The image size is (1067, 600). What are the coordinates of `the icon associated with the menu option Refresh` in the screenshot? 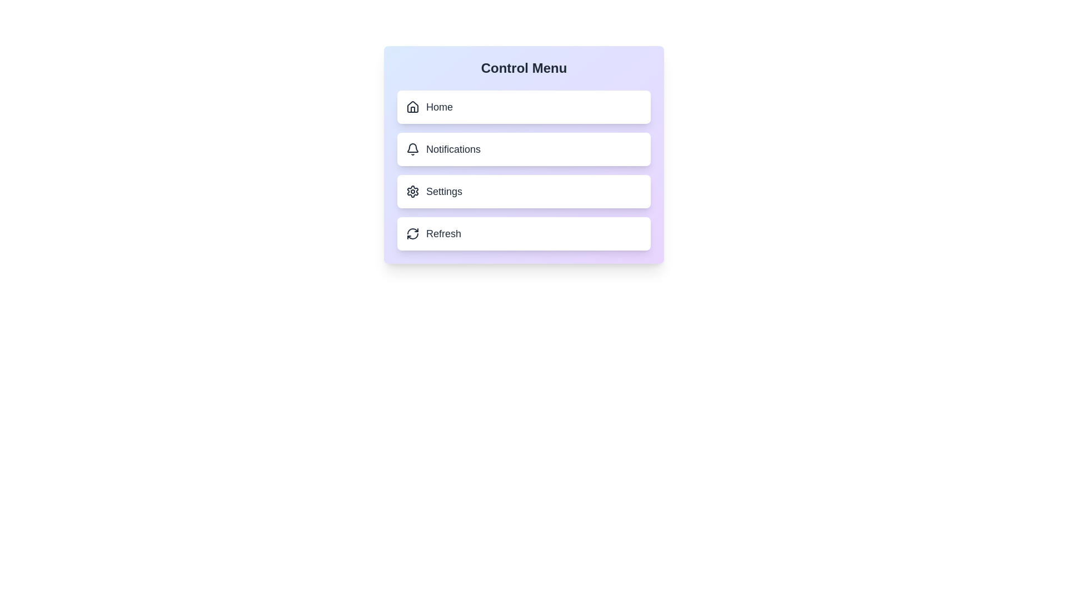 It's located at (412, 233).